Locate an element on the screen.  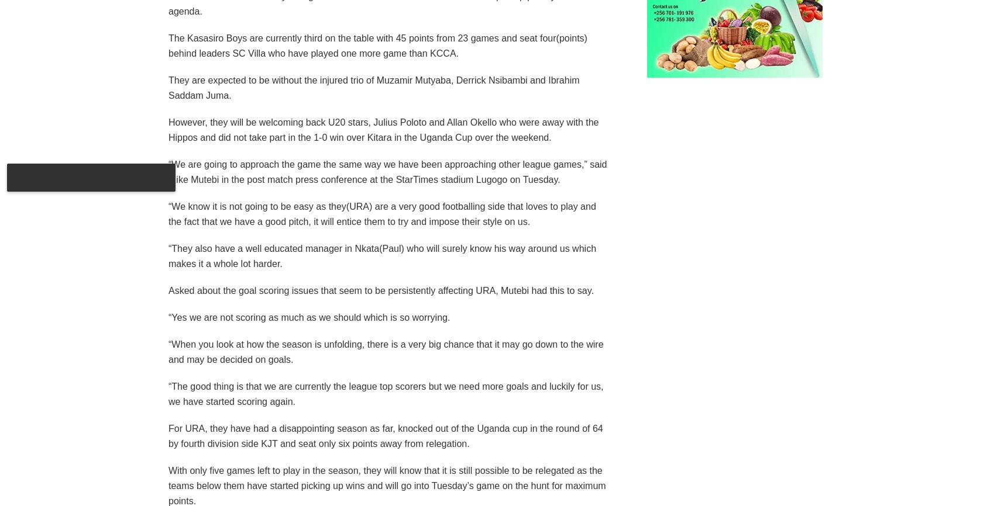
'They are expected to be without the injured trio of Muzamir Mutyaba, Derrick Nsibambi and Ibrahim Saddam Juma.' is located at coordinates (374, 87).